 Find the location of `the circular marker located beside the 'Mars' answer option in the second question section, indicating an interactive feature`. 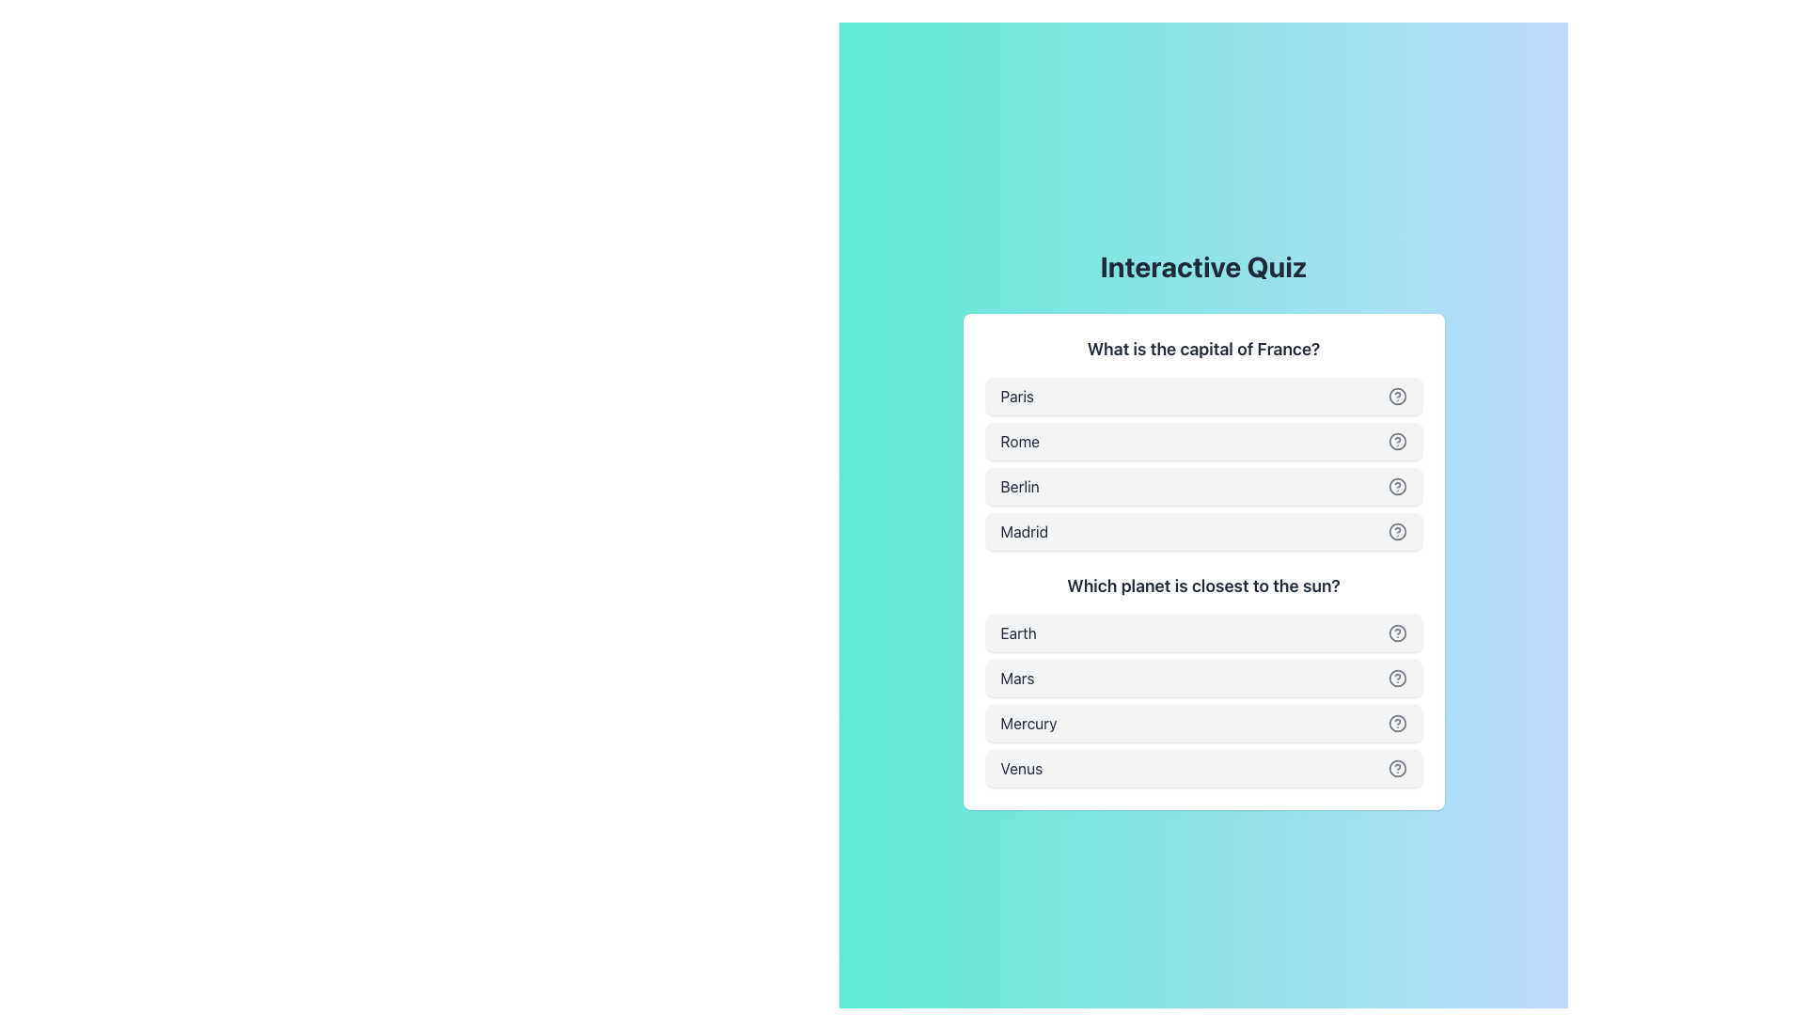

the circular marker located beside the 'Mars' answer option in the second question section, indicating an interactive feature is located at coordinates (1397, 678).